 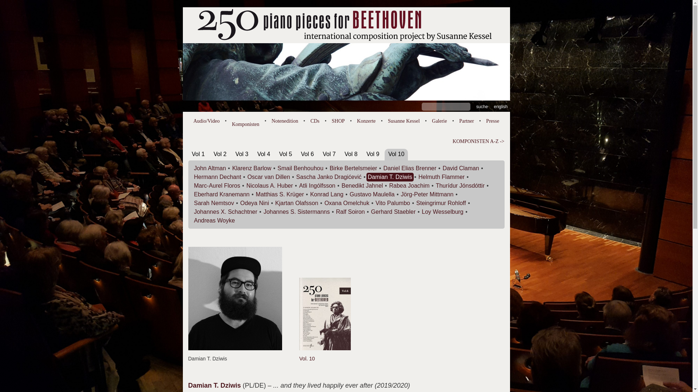 What do you see at coordinates (194, 220) in the screenshot?
I see `'Andreas Woyke'` at bounding box center [194, 220].